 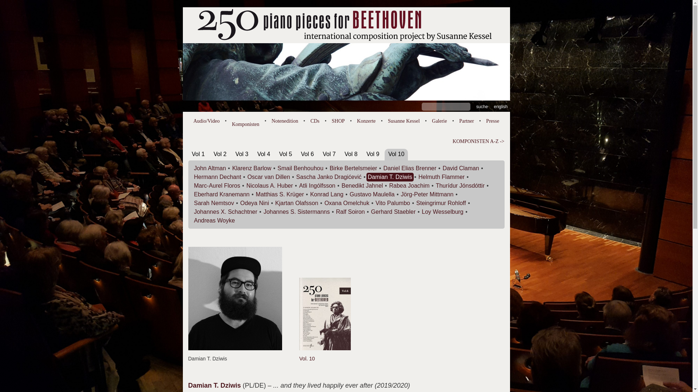 What do you see at coordinates (194, 220) in the screenshot?
I see `'Andreas Woyke'` at bounding box center [194, 220].